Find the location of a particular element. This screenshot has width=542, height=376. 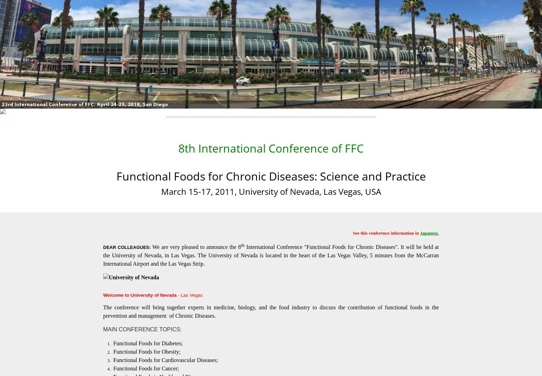

'Functional Foods for Obesity;' is located at coordinates (146, 351).